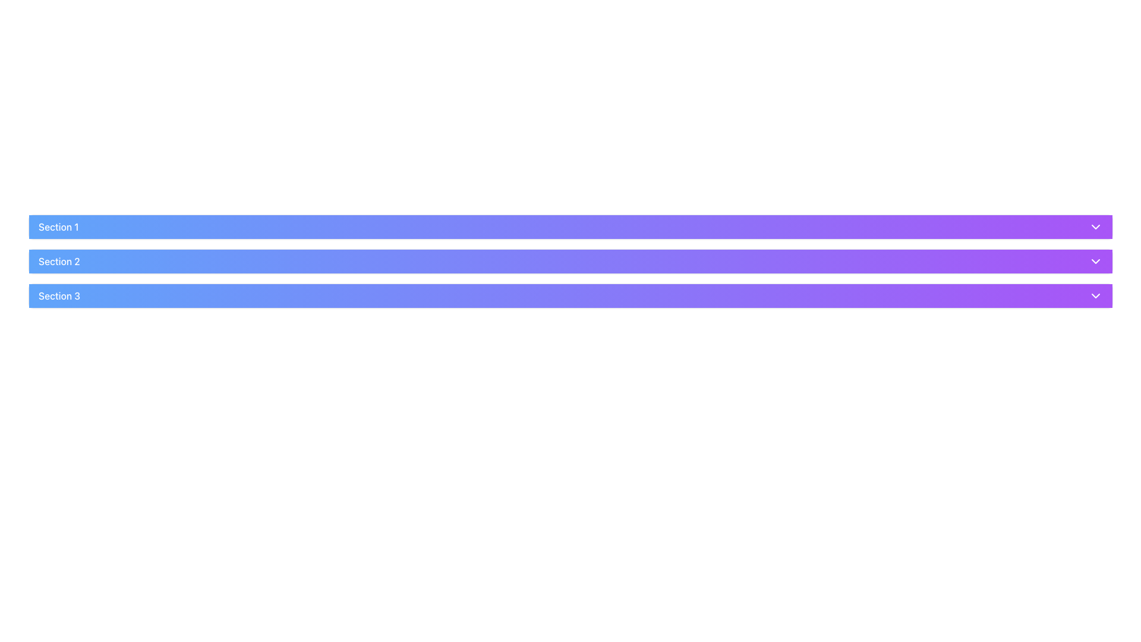 This screenshot has width=1141, height=642. Describe the element at coordinates (1095, 226) in the screenshot. I see `the downward-pointing chevron icon located at the top-right corner of 'Section 1' to visually highlight or emphasize it` at that location.